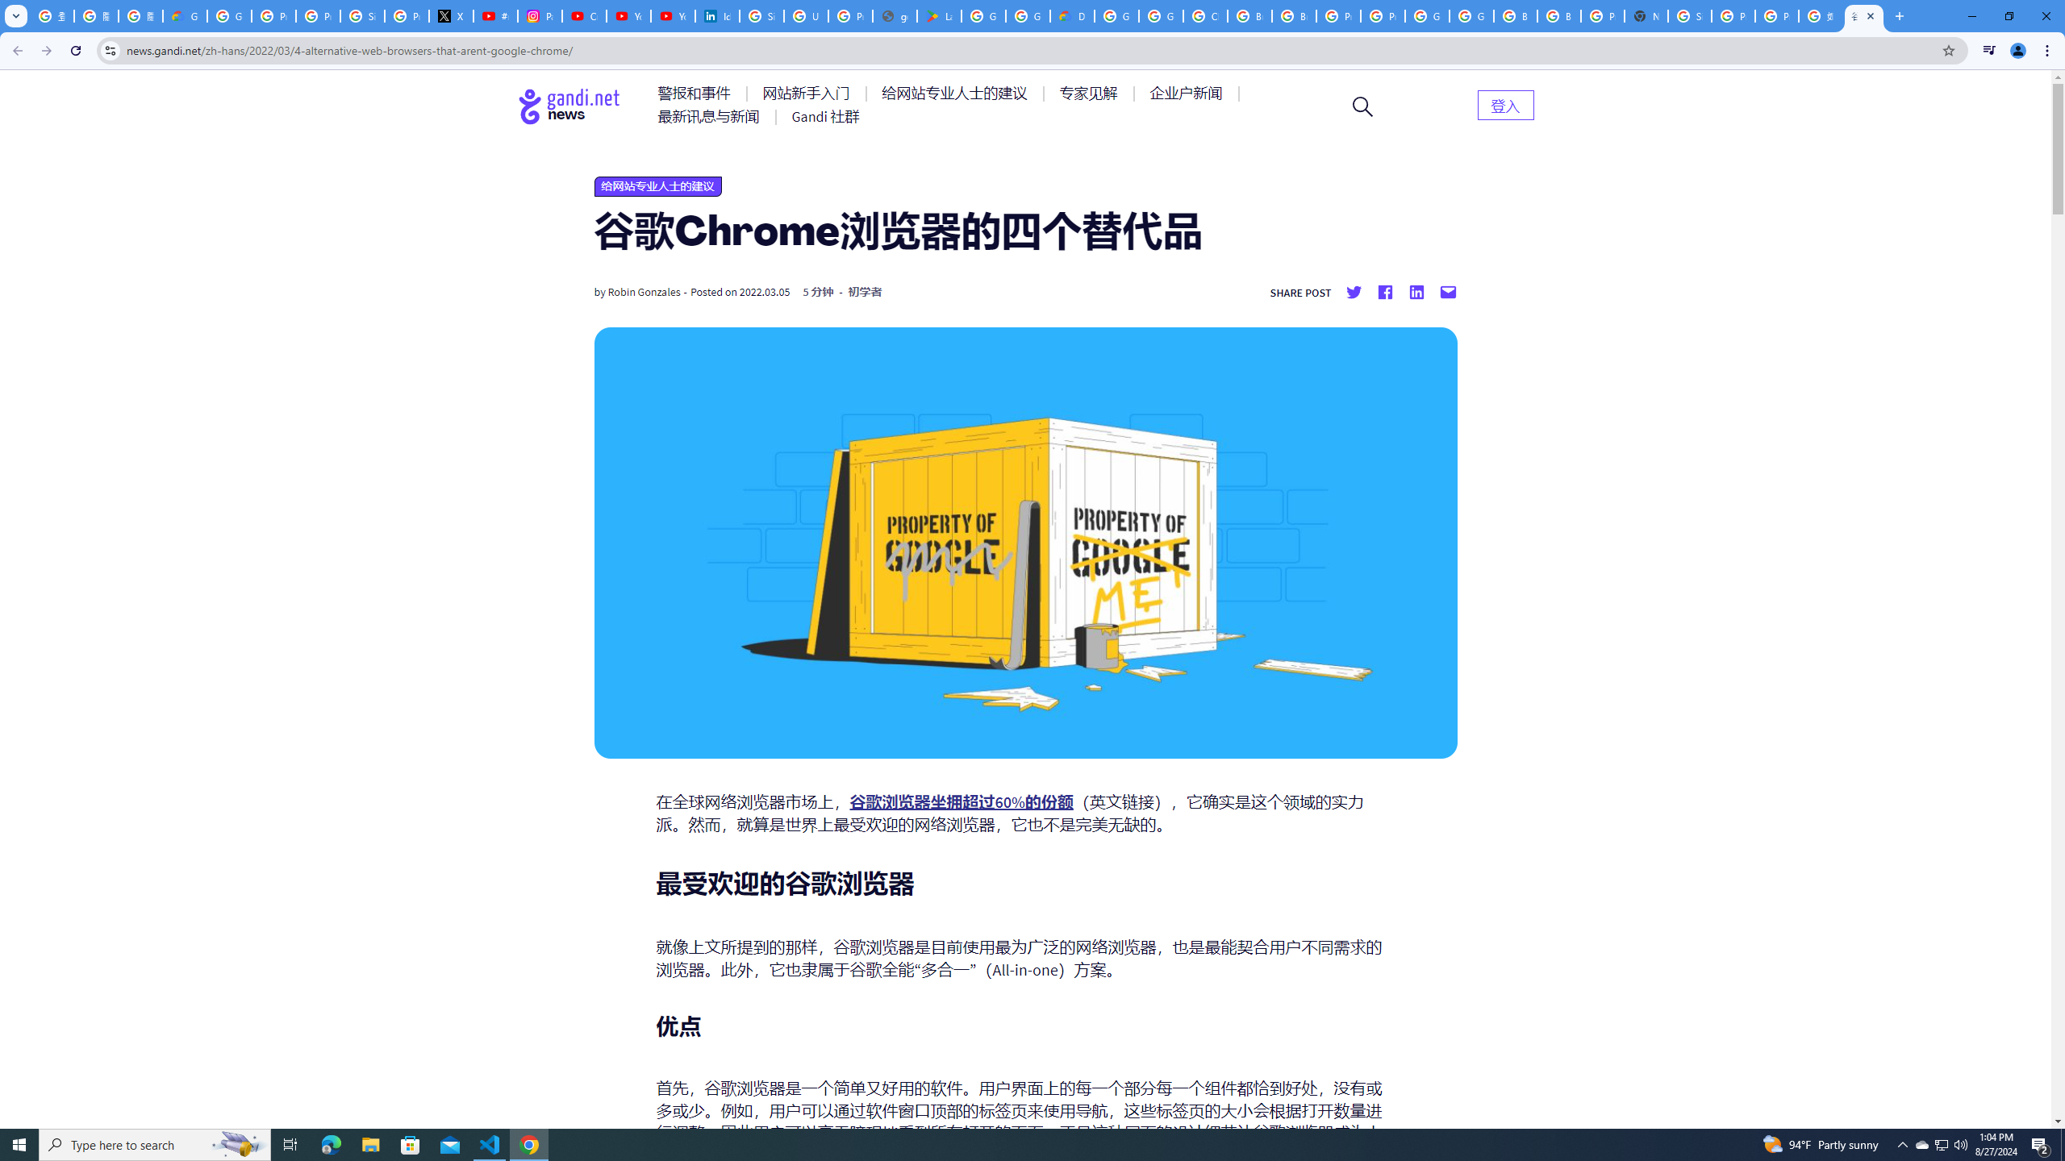 This screenshot has width=2065, height=1161. Describe the element at coordinates (1027, 15) in the screenshot. I see `'Google Workspace - Specific Terms'` at that location.